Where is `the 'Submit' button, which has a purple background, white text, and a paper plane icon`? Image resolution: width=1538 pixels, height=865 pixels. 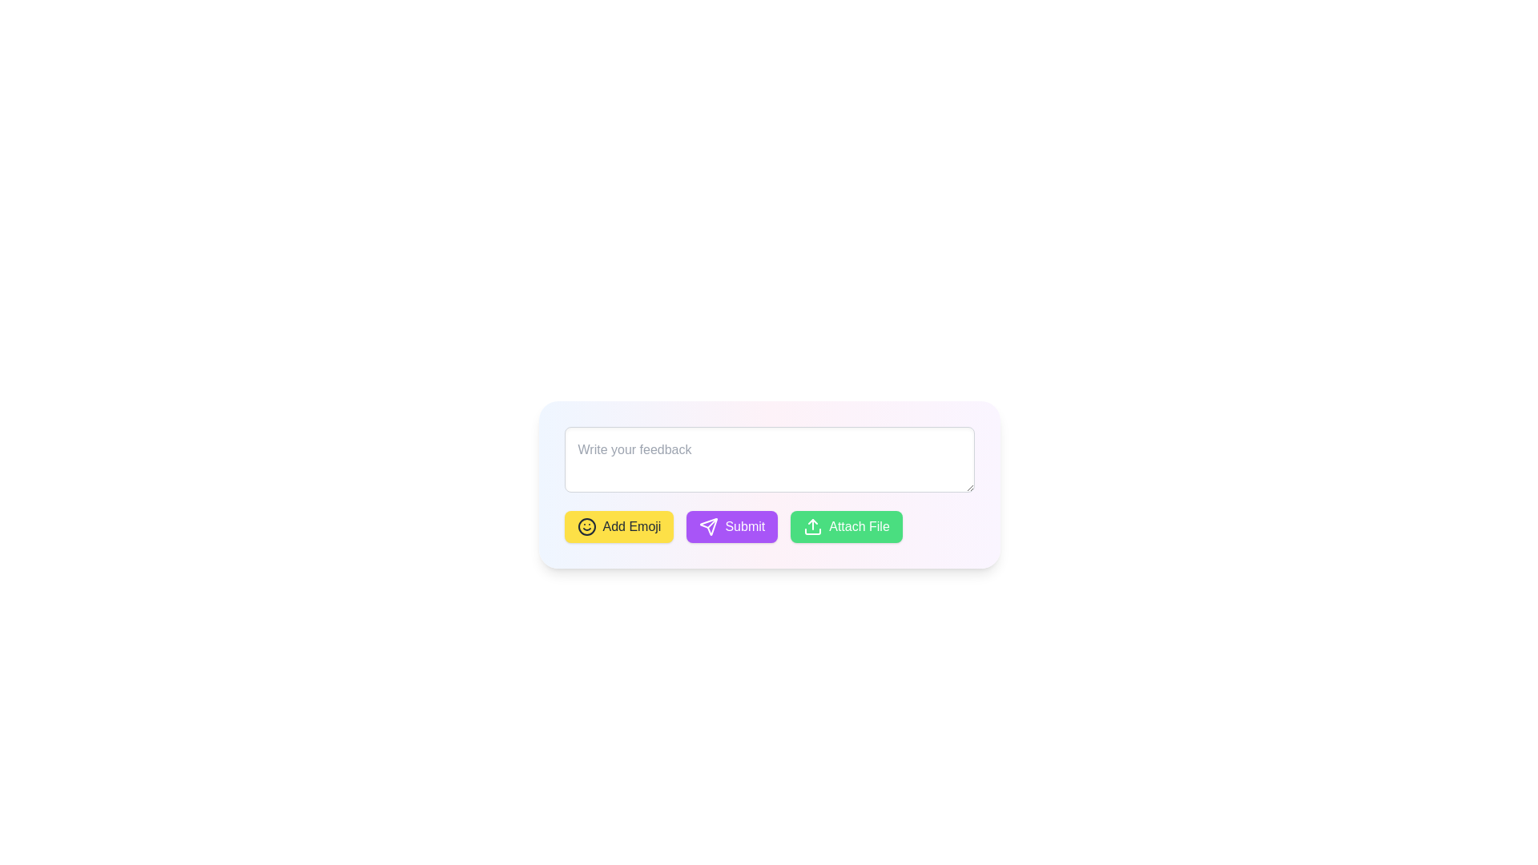
the 'Submit' button, which has a purple background, white text, and a paper plane icon is located at coordinates (769, 527).